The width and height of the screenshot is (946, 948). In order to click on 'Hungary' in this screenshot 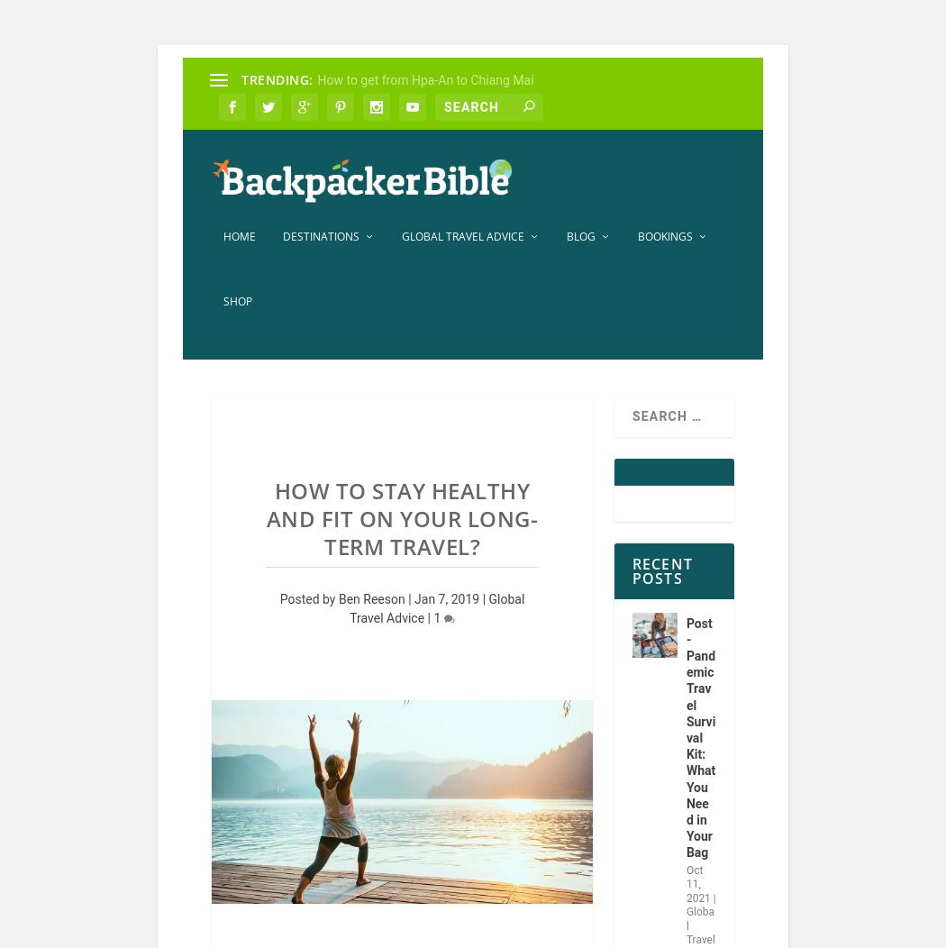, I will do `click(218, 526)`.